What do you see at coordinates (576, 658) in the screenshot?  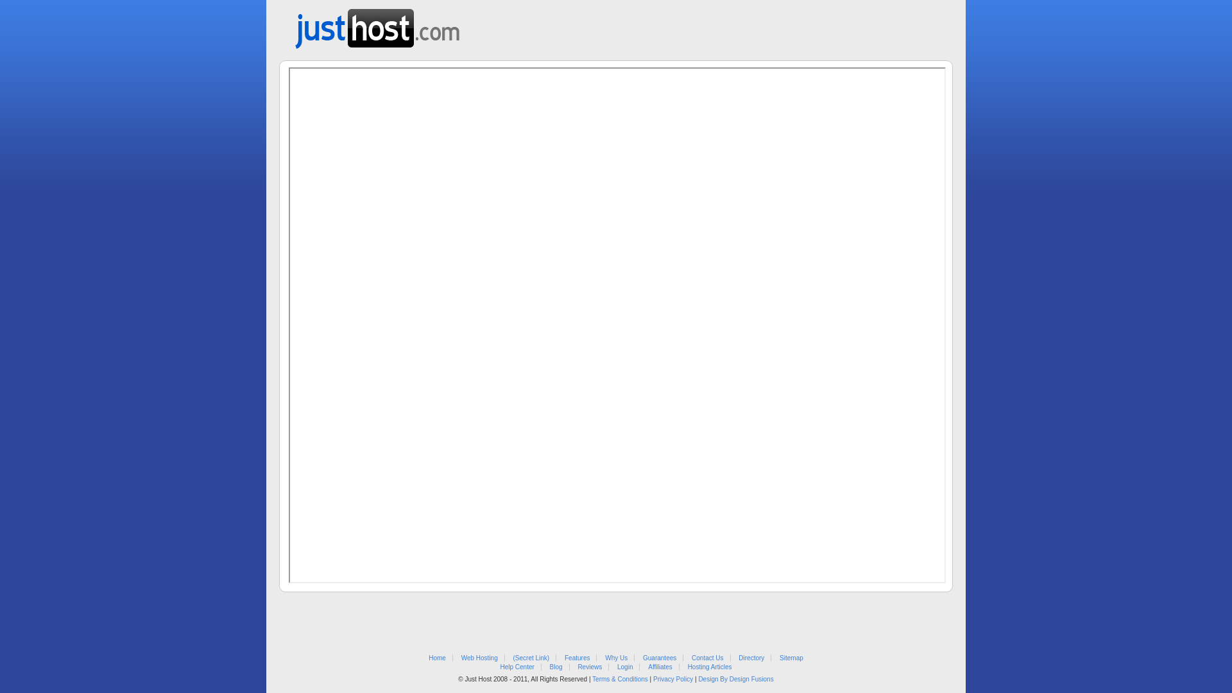 I see `'Features'` at bounding box center [576, 658].